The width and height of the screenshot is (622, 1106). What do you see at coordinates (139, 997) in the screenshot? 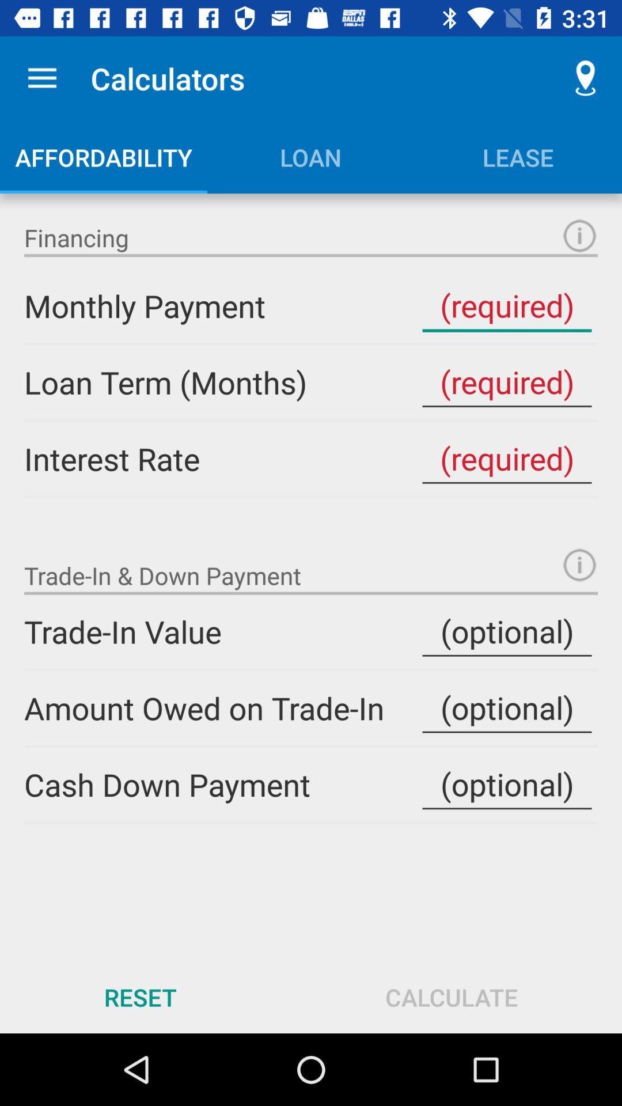
I see `reset at the bottom left corner` at bounding box center [139, 997].